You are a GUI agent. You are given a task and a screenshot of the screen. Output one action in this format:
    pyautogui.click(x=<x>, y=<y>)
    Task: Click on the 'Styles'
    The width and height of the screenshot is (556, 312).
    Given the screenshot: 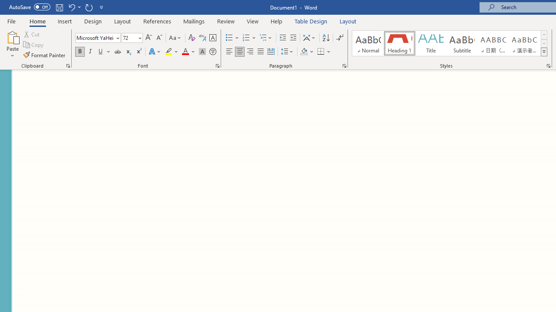 What is the action you would take?
    pyautogui.click(x=543, y=52)
    